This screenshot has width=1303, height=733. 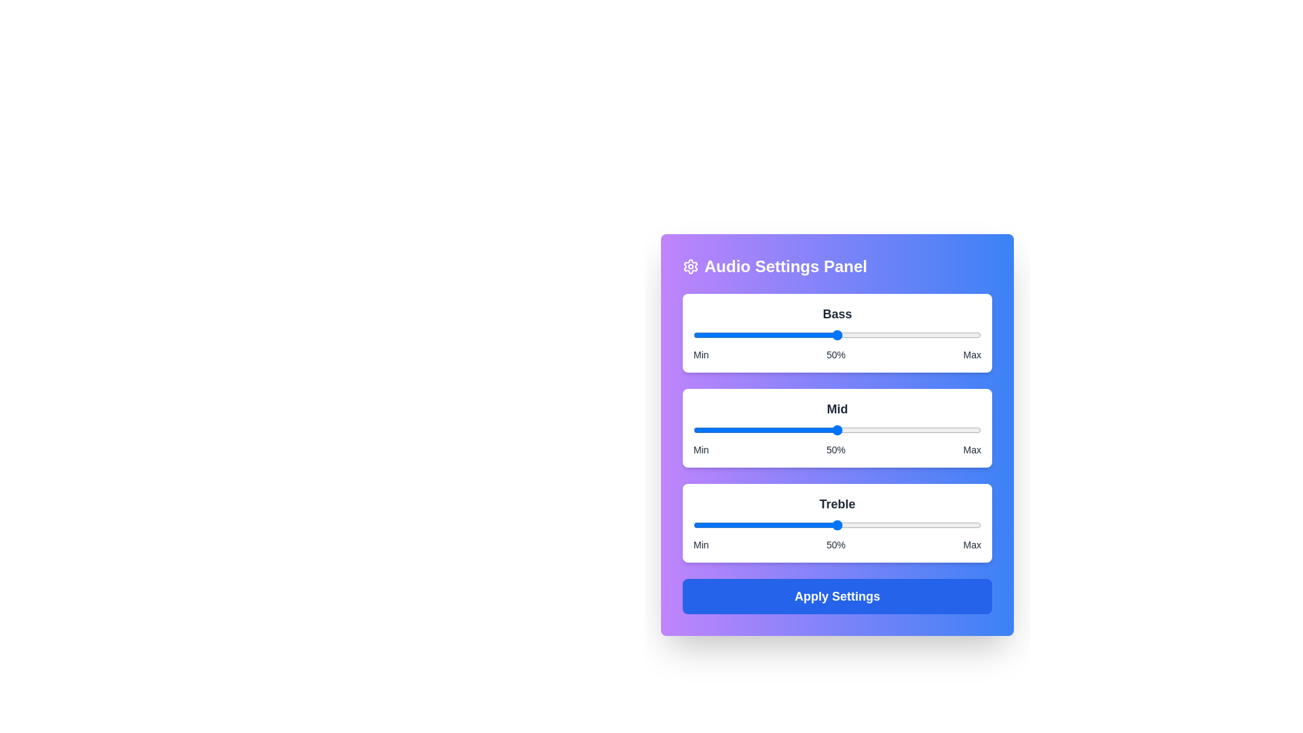 I want to click on the bass level, so click(x=768, y=335).